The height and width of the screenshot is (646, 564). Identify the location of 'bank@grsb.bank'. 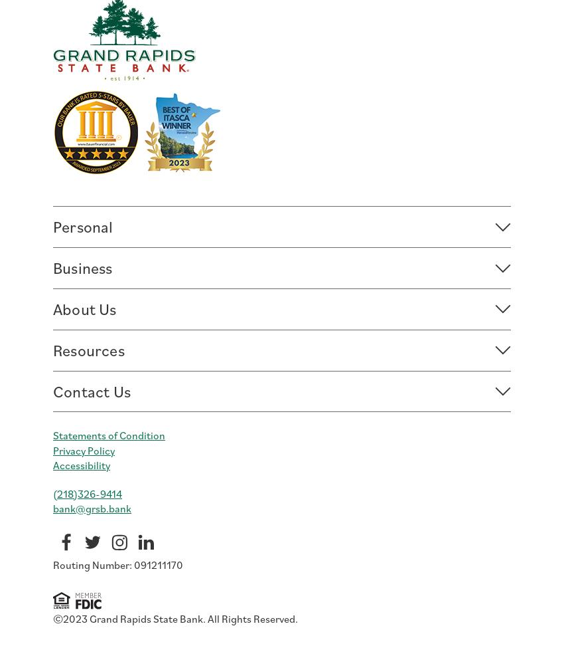
(52, 507).